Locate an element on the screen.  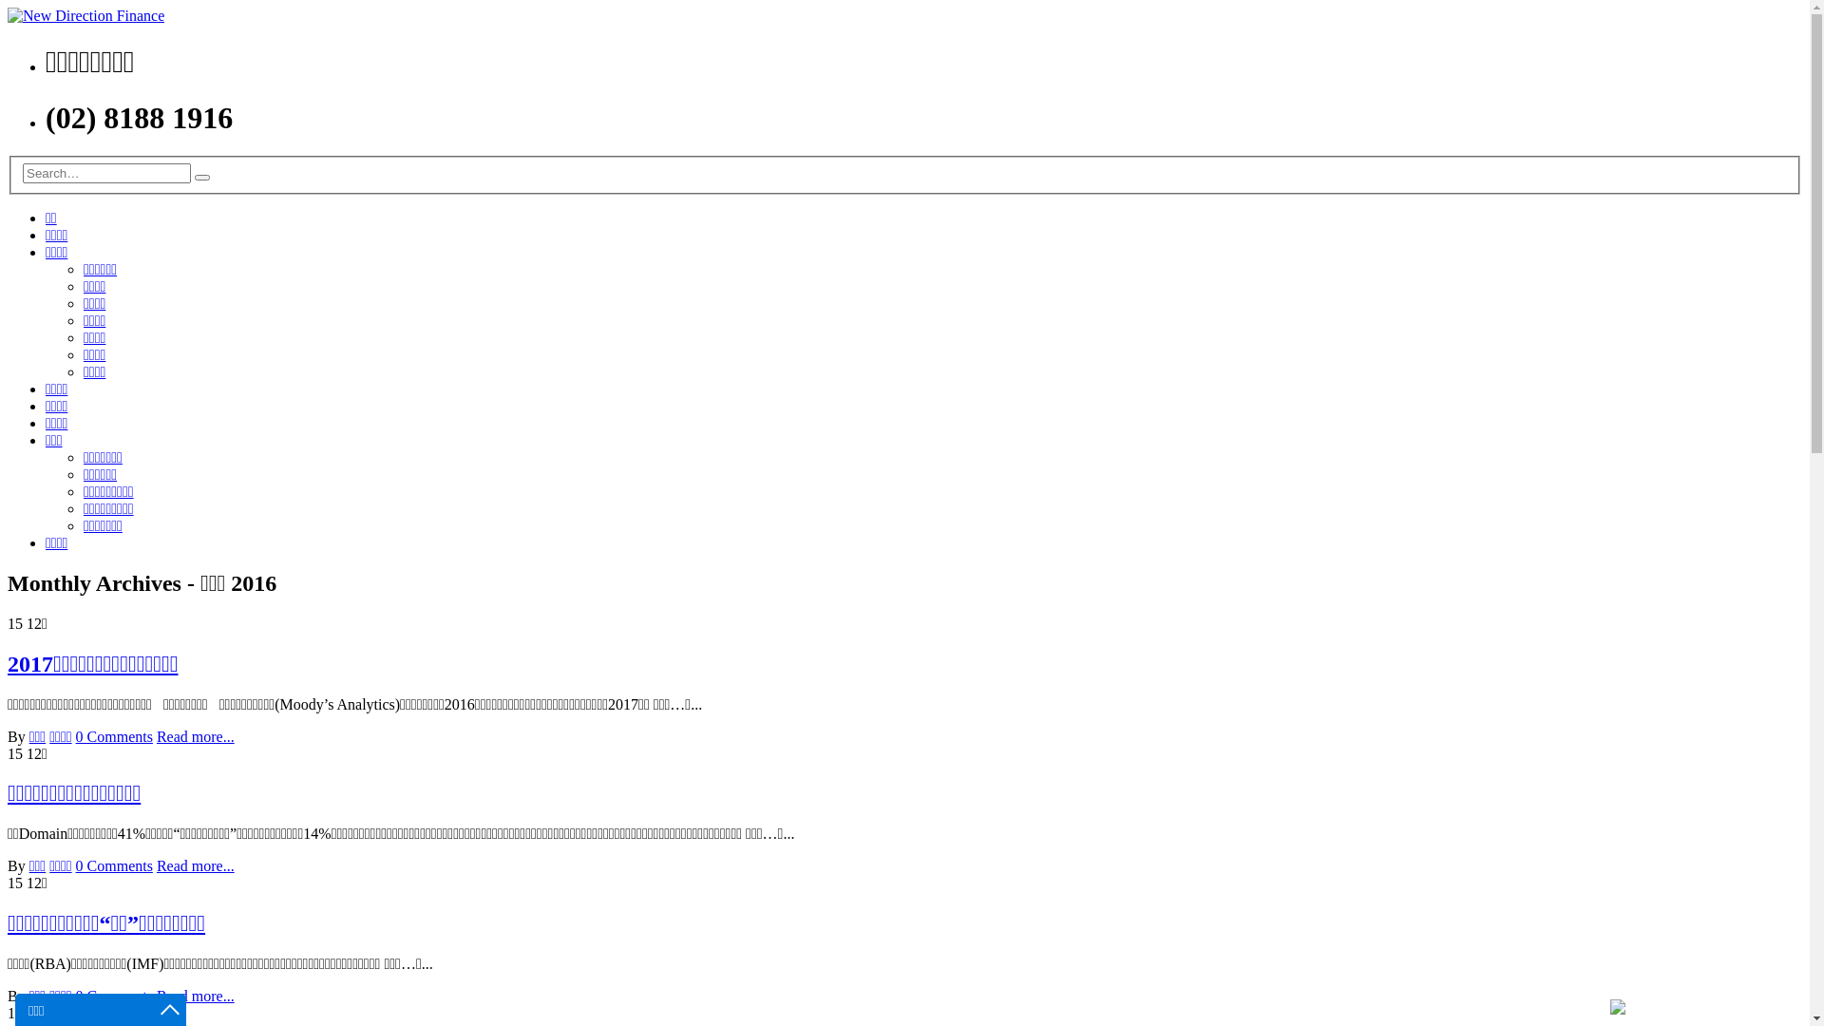
'Read more...' is located at coordinates (196, 865).